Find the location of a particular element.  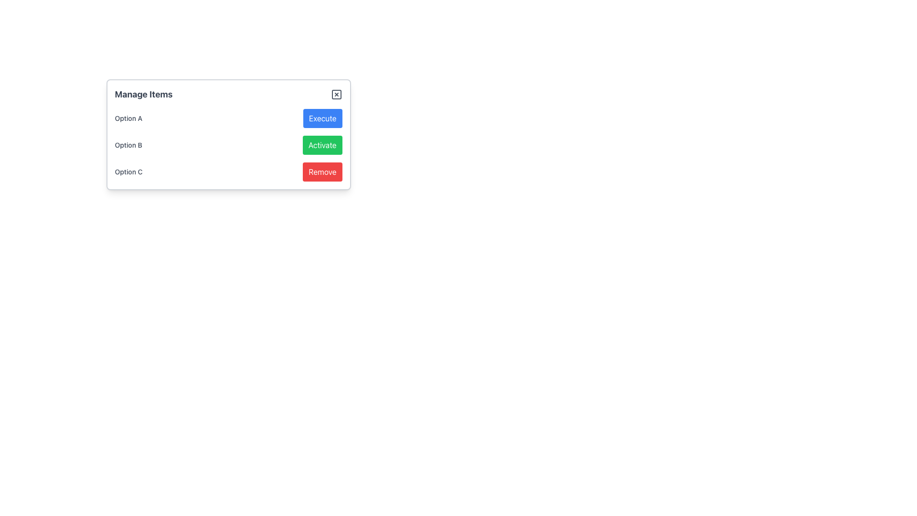

the second text label within the panel, positioned between 'Option A' and 'Option C', to identify it for selection is located at coordinates (128, 145).